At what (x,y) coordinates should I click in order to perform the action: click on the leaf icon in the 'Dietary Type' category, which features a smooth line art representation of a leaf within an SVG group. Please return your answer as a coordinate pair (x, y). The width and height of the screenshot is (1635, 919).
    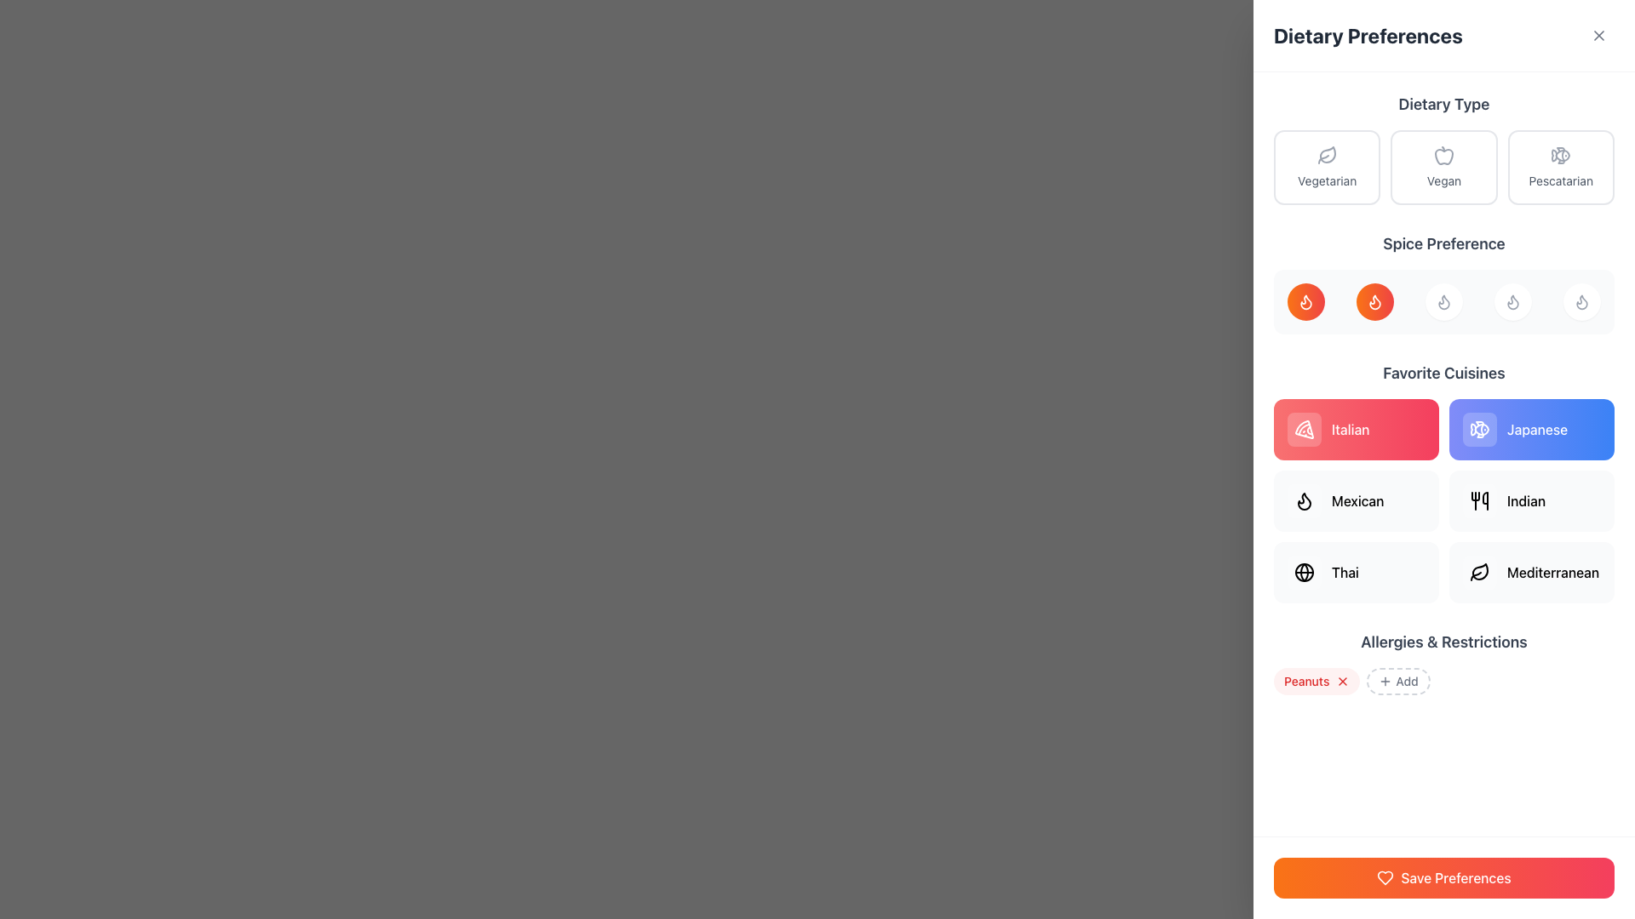
    Looking at the image, I should click on (1327, 154).